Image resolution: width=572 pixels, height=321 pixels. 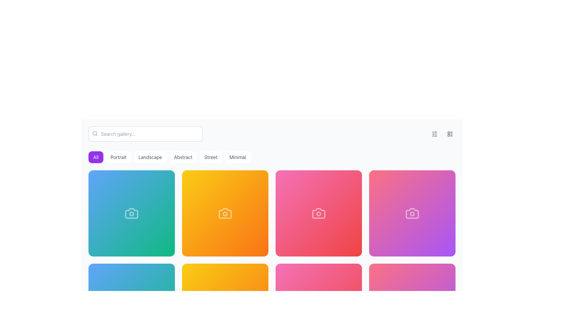 I want to click on the 'Landscape' filter button, which is the third button in a horizontal set of six buttons located below the search bar, so click(x=150, y=157).